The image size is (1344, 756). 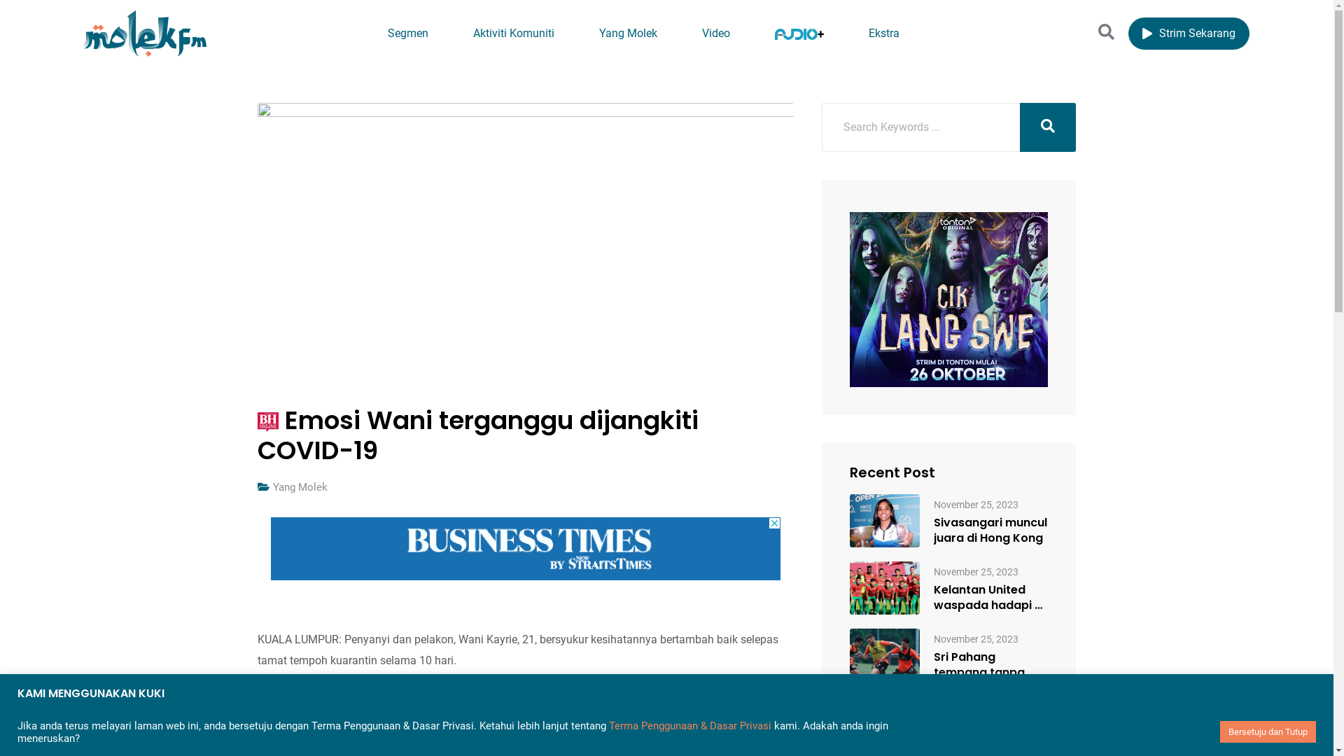 I want to click on 'Aktiviti Komuniti', so click(x=513, y=33).